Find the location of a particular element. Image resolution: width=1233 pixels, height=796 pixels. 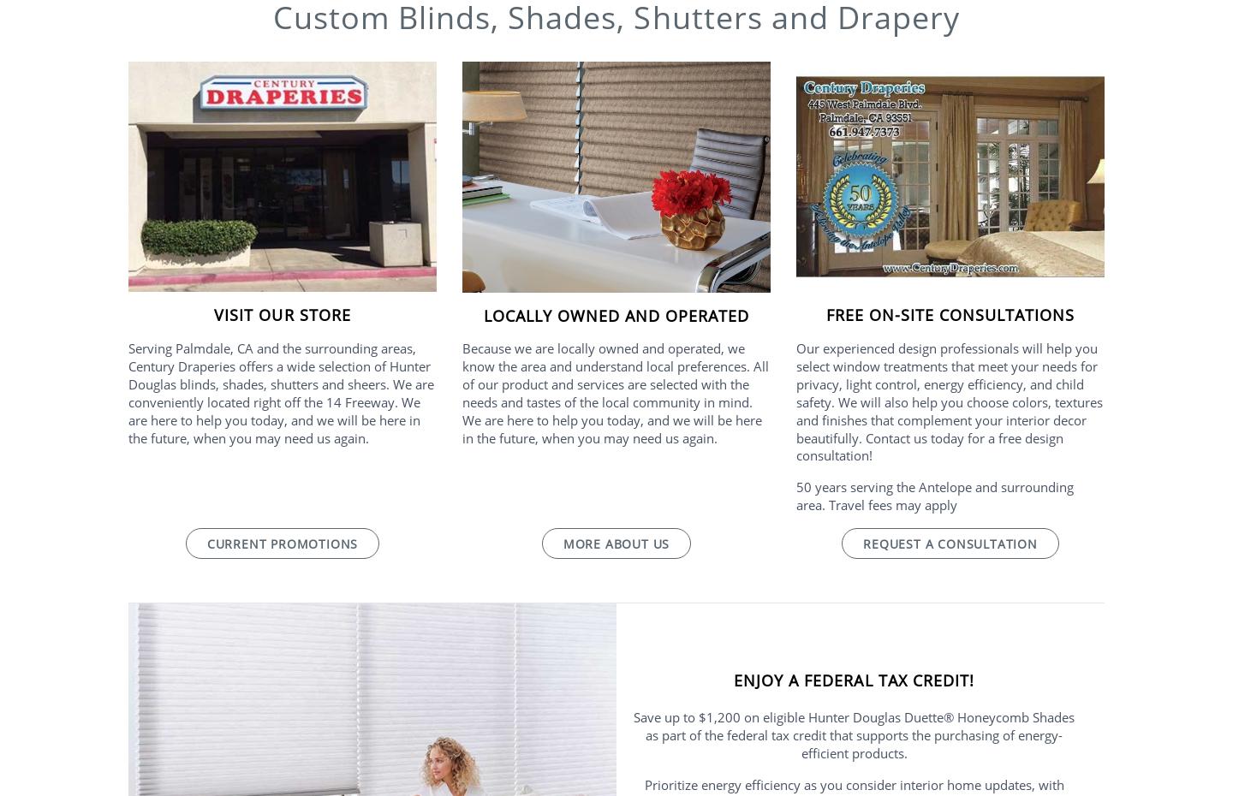

'LOCALLY OWNED AND OPERATED' is located at coordinates (616, 314).